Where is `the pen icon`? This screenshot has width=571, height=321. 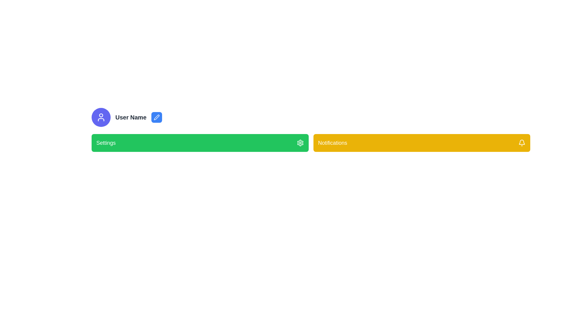
the pen icon is located at coordinates (156, 117).